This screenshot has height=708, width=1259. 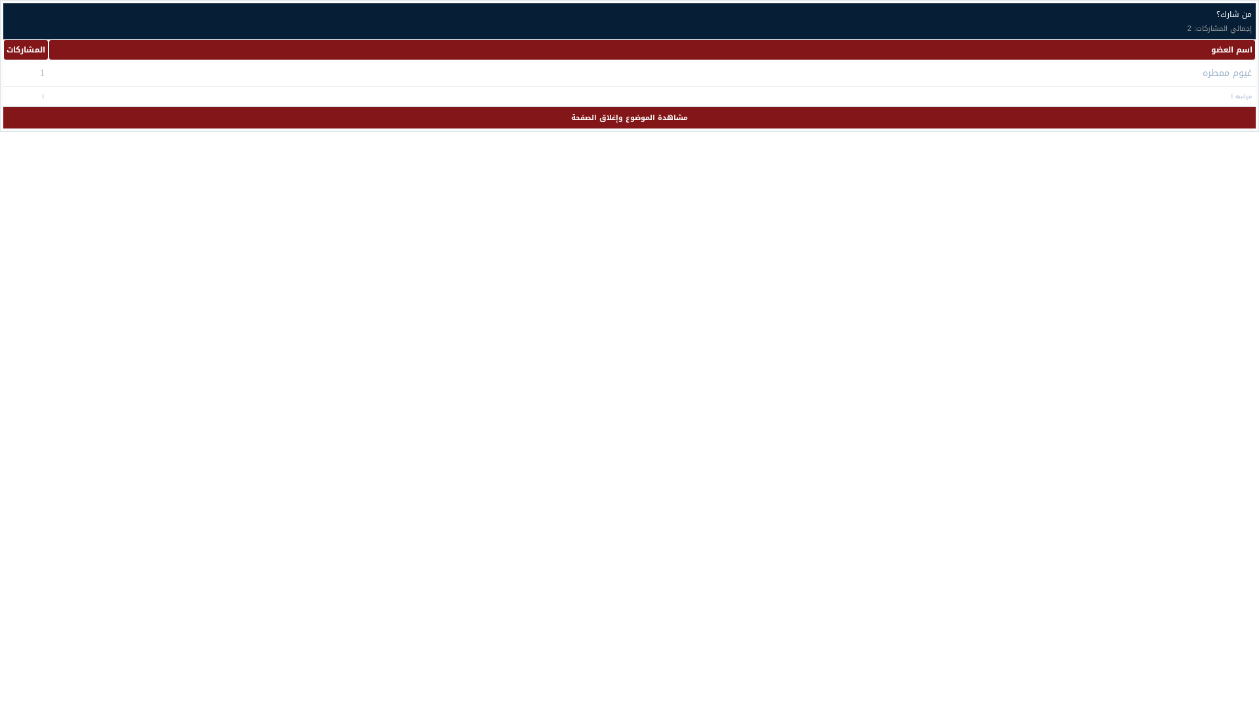 I want to click on '1', so click(x=42, y=73).